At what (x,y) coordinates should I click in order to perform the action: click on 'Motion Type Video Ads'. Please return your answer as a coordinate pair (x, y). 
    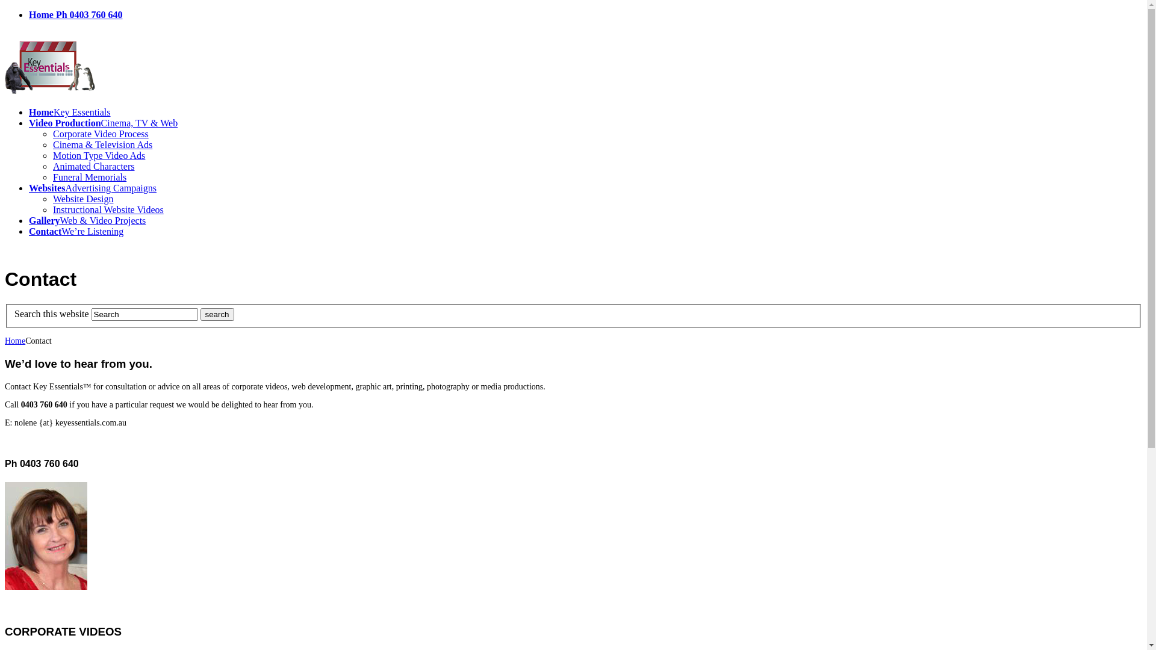
    Looking at the image, I should click on (99, 155).